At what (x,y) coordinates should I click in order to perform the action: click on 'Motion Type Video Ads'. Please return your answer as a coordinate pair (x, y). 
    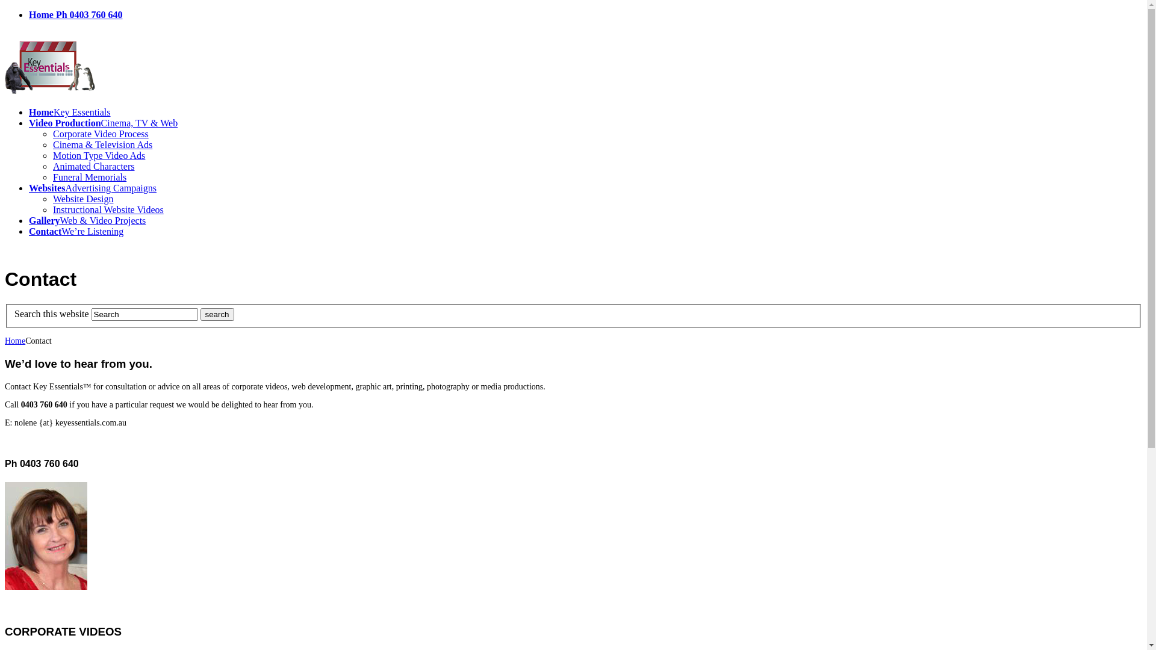
    Looking at the image, I should click on (99, 155).